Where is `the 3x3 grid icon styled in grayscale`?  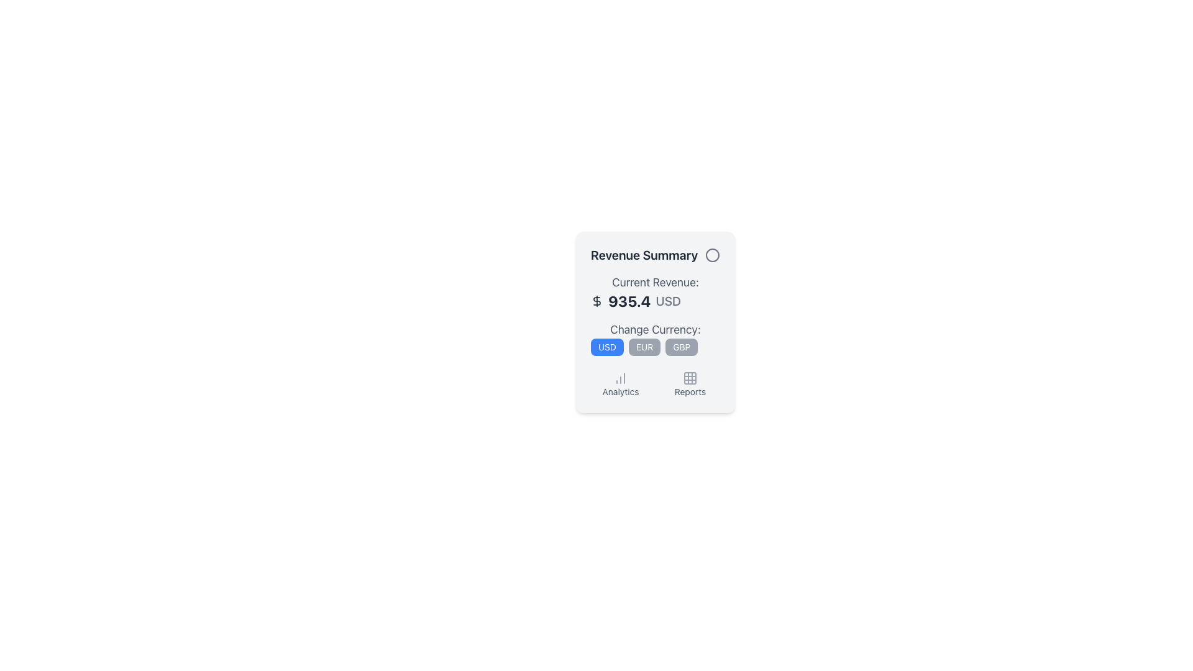
the 3x3 grid icon styled in grayscale is located at coordinates (689, 378).